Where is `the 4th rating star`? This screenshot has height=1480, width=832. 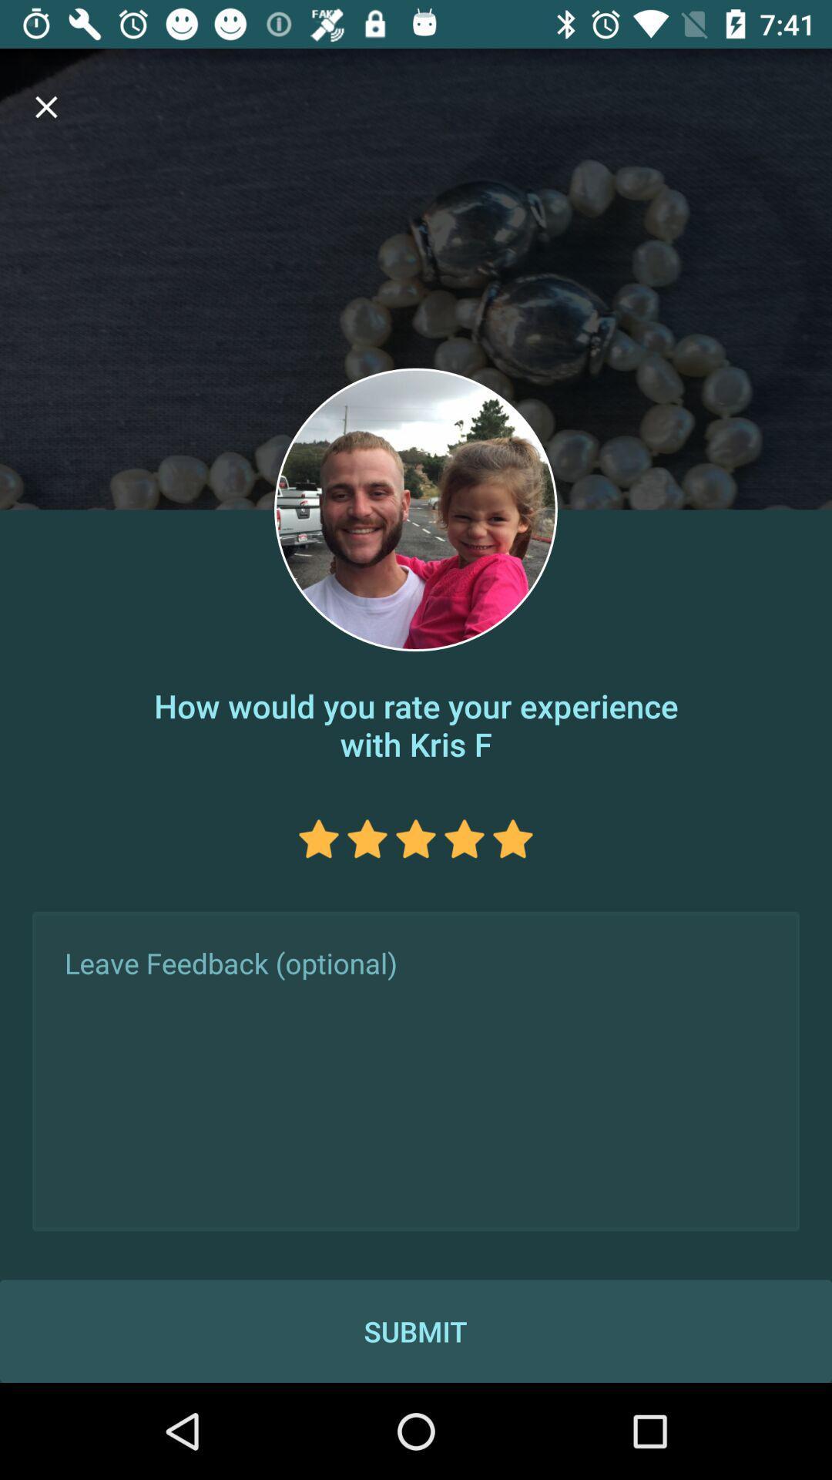 the 4th rating star is located at coordinates (463, 838).